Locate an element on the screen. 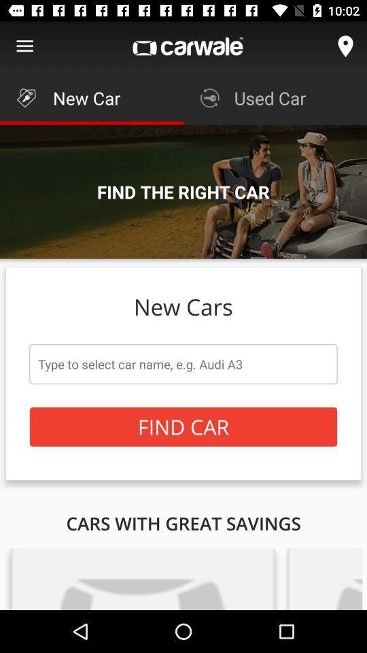  instead of three line symbol it can be menu option is located at coordinates (24, 46).